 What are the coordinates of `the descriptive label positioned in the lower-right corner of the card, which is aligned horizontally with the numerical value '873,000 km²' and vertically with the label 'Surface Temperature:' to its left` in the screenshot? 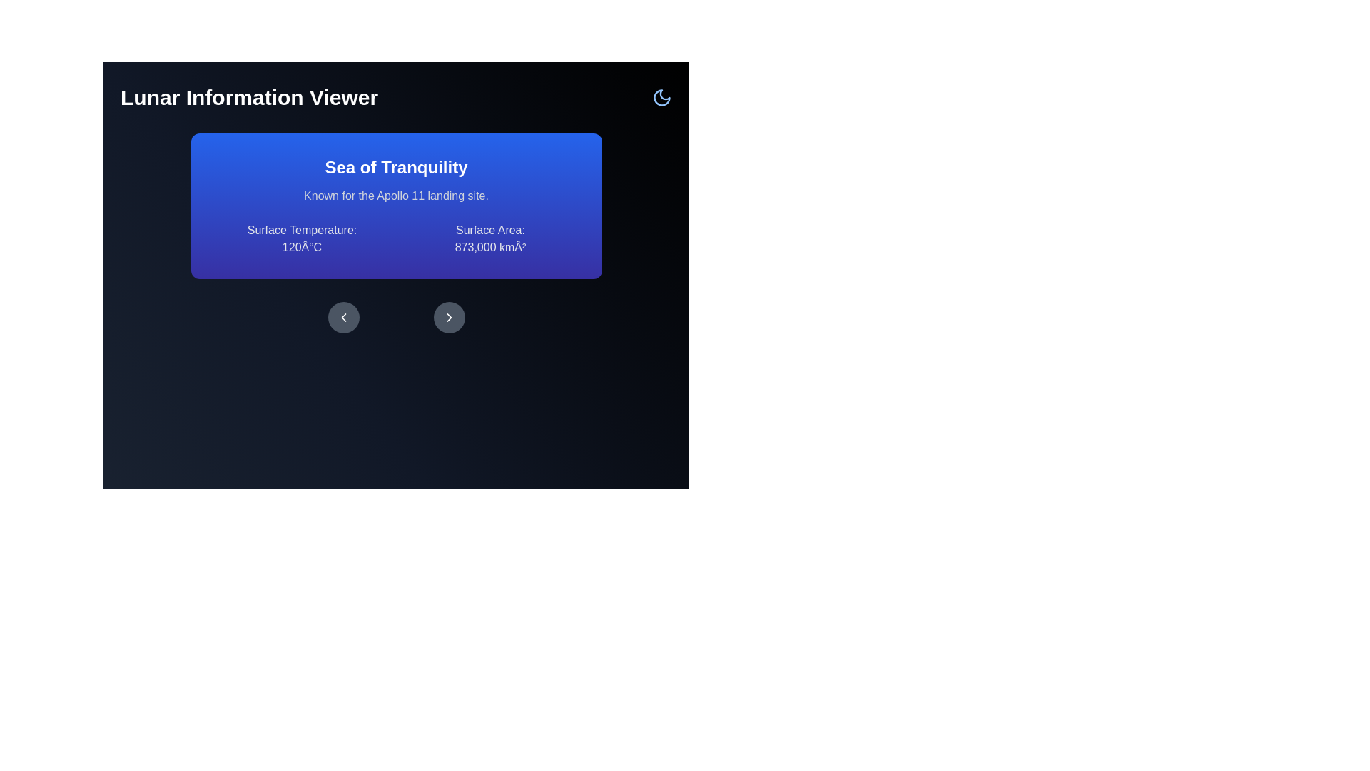 It's located at (490, 229).